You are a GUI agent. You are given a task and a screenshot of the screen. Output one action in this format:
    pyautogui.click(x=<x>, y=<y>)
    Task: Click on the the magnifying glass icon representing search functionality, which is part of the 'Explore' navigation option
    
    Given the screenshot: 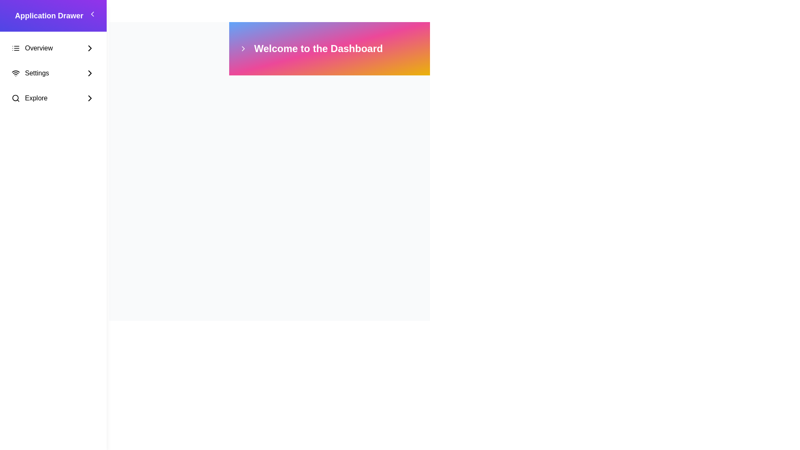 What is the action you would take?
    pyautogui.click(x=16, y=97)
    